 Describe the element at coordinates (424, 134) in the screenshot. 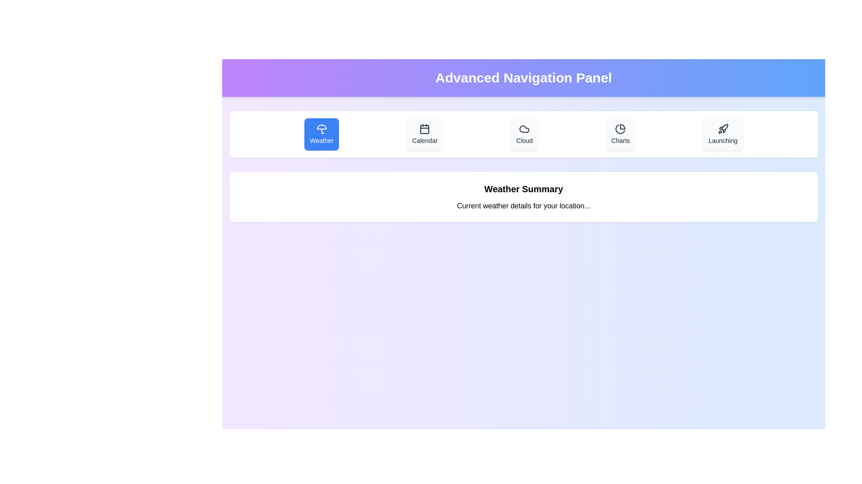

I see `the second button in the top-center panel, which is located between the 'Weather' button on the left and 'Cloud' button on the right` at that location.